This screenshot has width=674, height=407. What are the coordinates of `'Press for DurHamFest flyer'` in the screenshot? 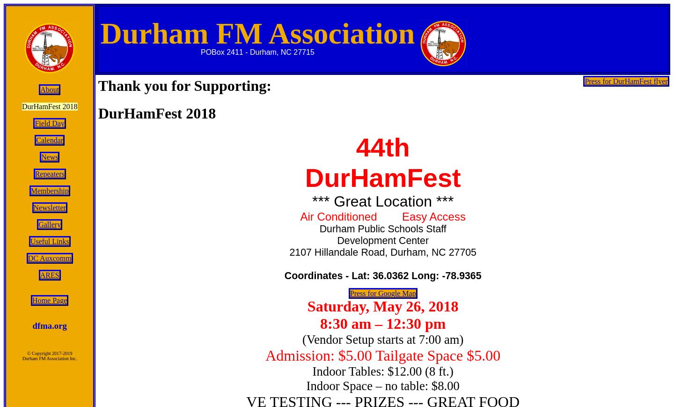 It's located at (584, 81).